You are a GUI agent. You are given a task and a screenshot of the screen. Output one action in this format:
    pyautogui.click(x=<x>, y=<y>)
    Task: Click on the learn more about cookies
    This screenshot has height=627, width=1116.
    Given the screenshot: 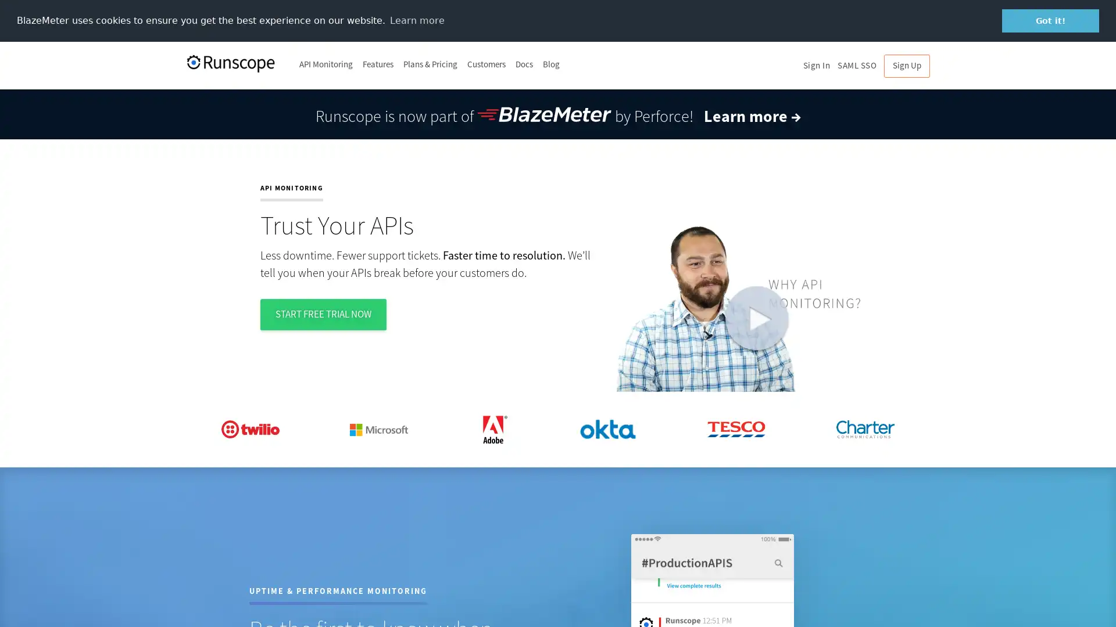 What is the action you would take?
    pyautogui.click(x=417, y=20)
    